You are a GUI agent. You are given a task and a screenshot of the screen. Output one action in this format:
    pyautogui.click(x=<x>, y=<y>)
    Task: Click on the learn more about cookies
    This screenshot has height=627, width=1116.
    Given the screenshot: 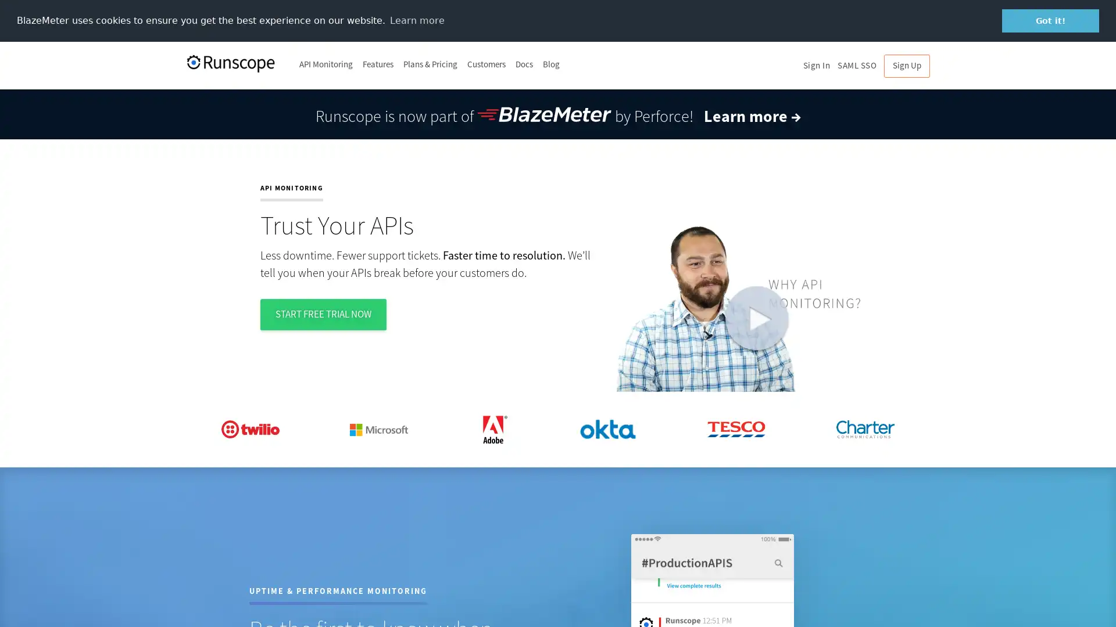 What is the action you would take?
    pyautogui.click(x=417, y=20)
    